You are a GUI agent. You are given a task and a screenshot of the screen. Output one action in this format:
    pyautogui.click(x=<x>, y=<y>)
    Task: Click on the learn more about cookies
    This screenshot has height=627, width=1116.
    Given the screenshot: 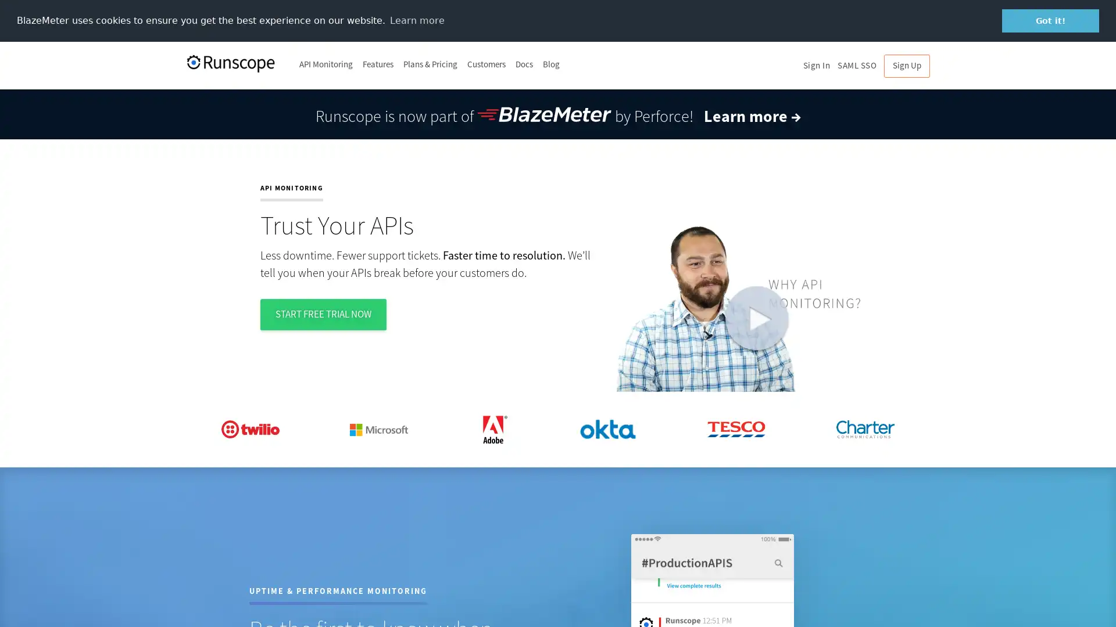 What is the action you would take?
    pyautogui.click(x=417, y=20)
    